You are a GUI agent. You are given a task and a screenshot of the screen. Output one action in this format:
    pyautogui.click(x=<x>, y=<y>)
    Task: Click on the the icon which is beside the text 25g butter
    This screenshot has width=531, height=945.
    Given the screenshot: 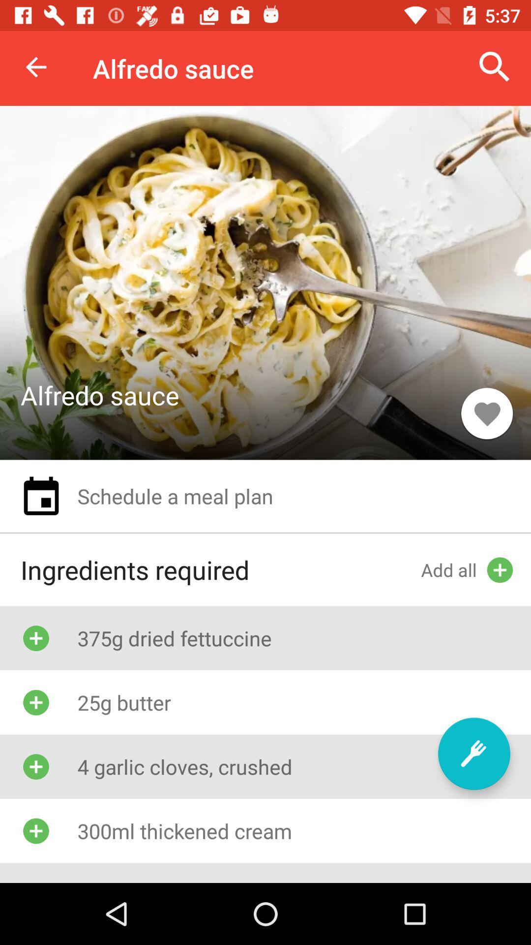 What is the action you would take?
    pyautogui.click(x=35, y=702)
    